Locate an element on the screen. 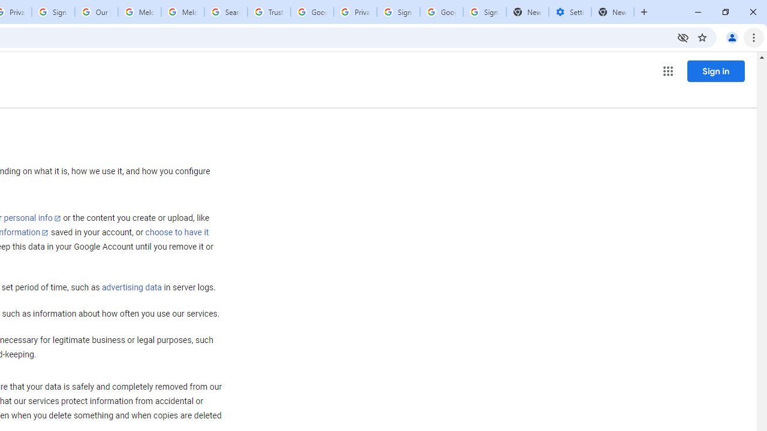 The height and width of the screenshot is (431, 767). 'Google Cybersecurity Innovations - Google Safety Center' is located at coordinates (441, 12).